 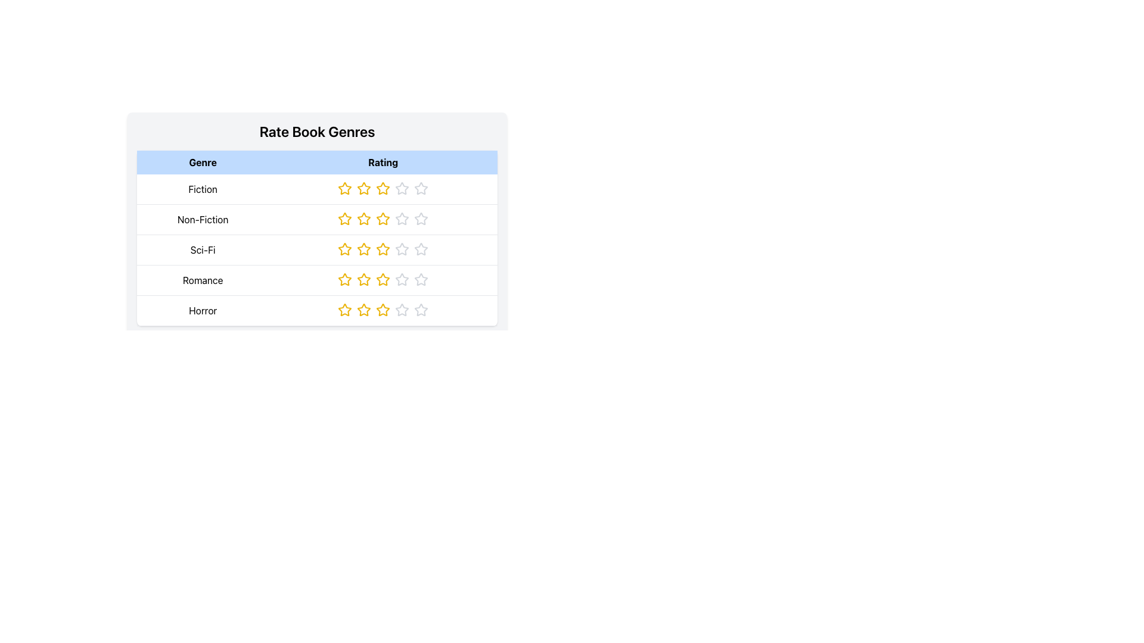 I want to click on the first star in the rating column of the 'Horror' genre, so click(x=344, y=309).